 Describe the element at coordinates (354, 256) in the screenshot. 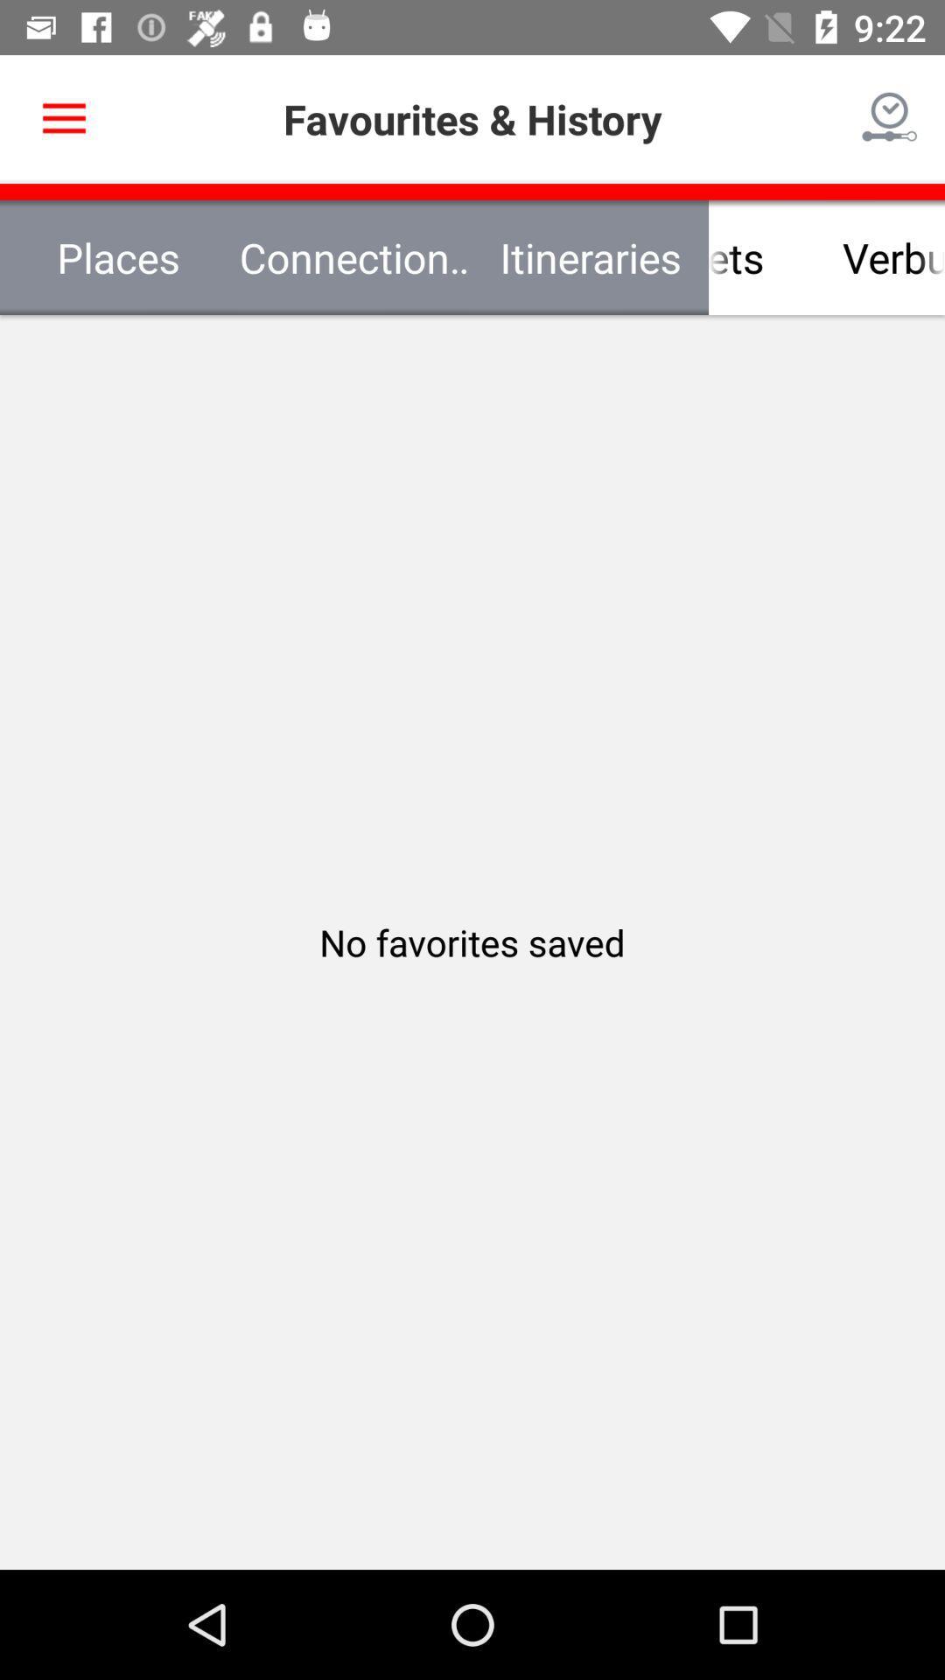

I see `connection requests` at that location.